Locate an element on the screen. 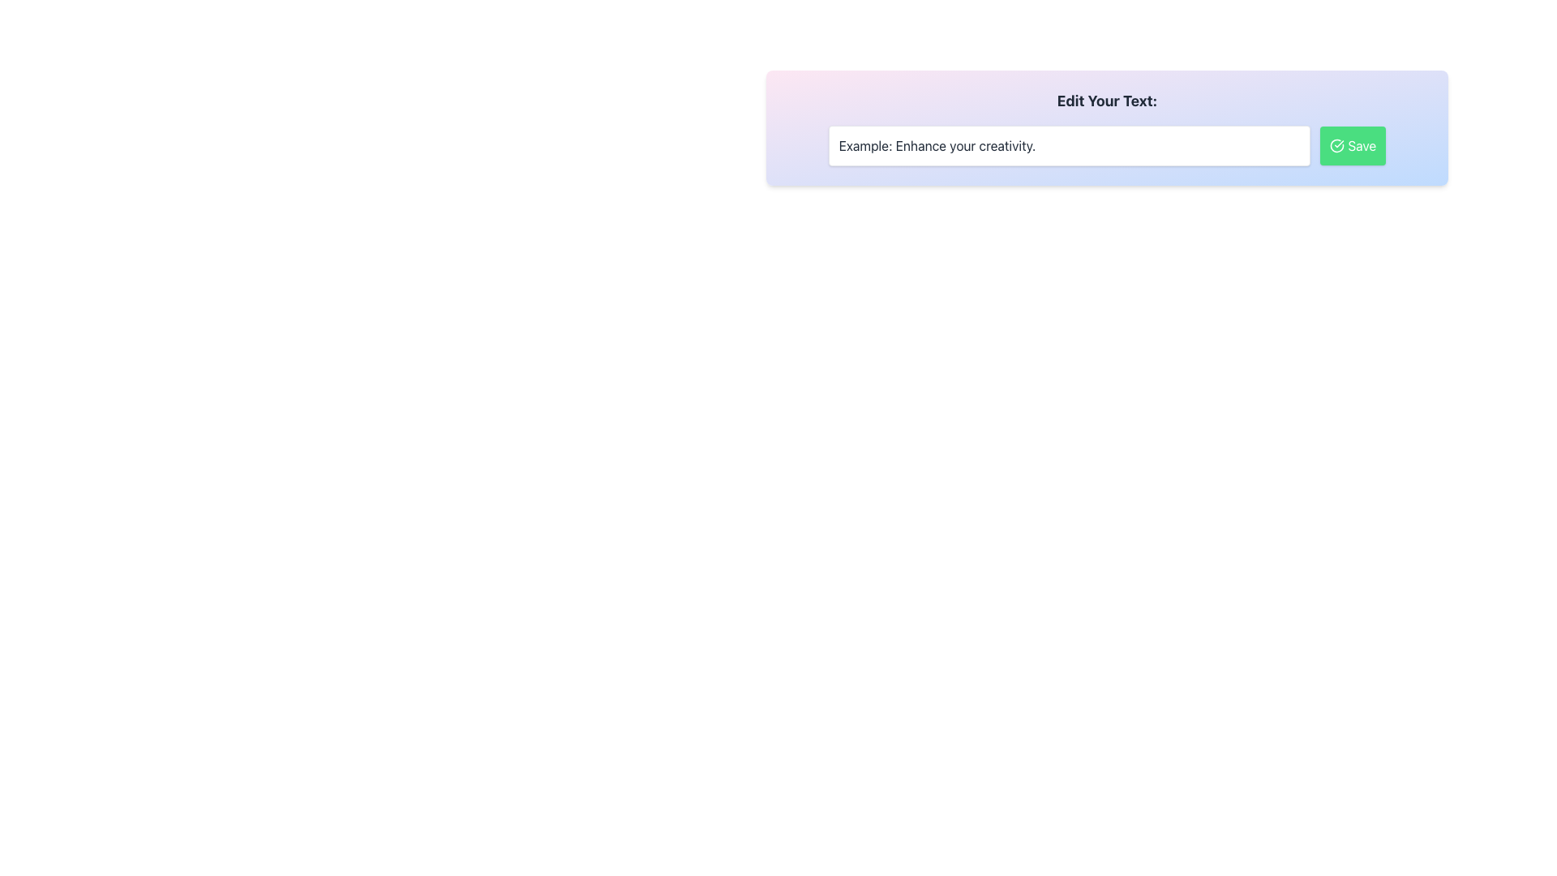  the confirmation icon located within the green 'Save' button, positioned to the left of the 'Save' text is located at coordinates (1337, 146).